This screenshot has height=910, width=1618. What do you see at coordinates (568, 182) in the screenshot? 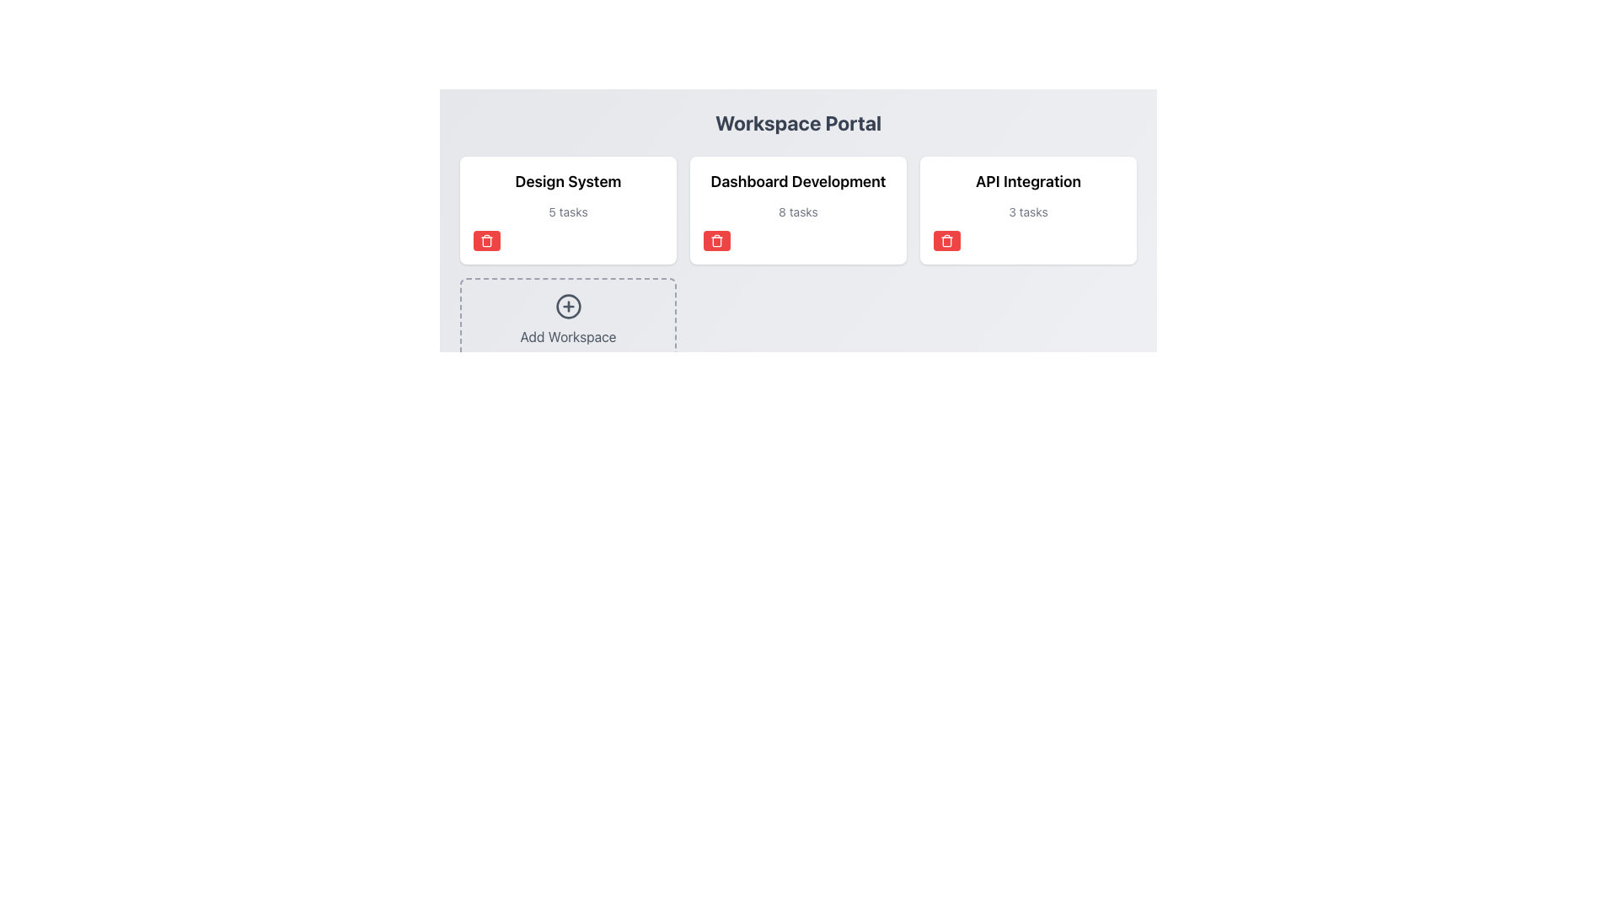
I see `text label that serves as a title for the 'Design System' tasks located at the top of the first card in a horizontal row of similar cards` at bounding box center [568, 182].